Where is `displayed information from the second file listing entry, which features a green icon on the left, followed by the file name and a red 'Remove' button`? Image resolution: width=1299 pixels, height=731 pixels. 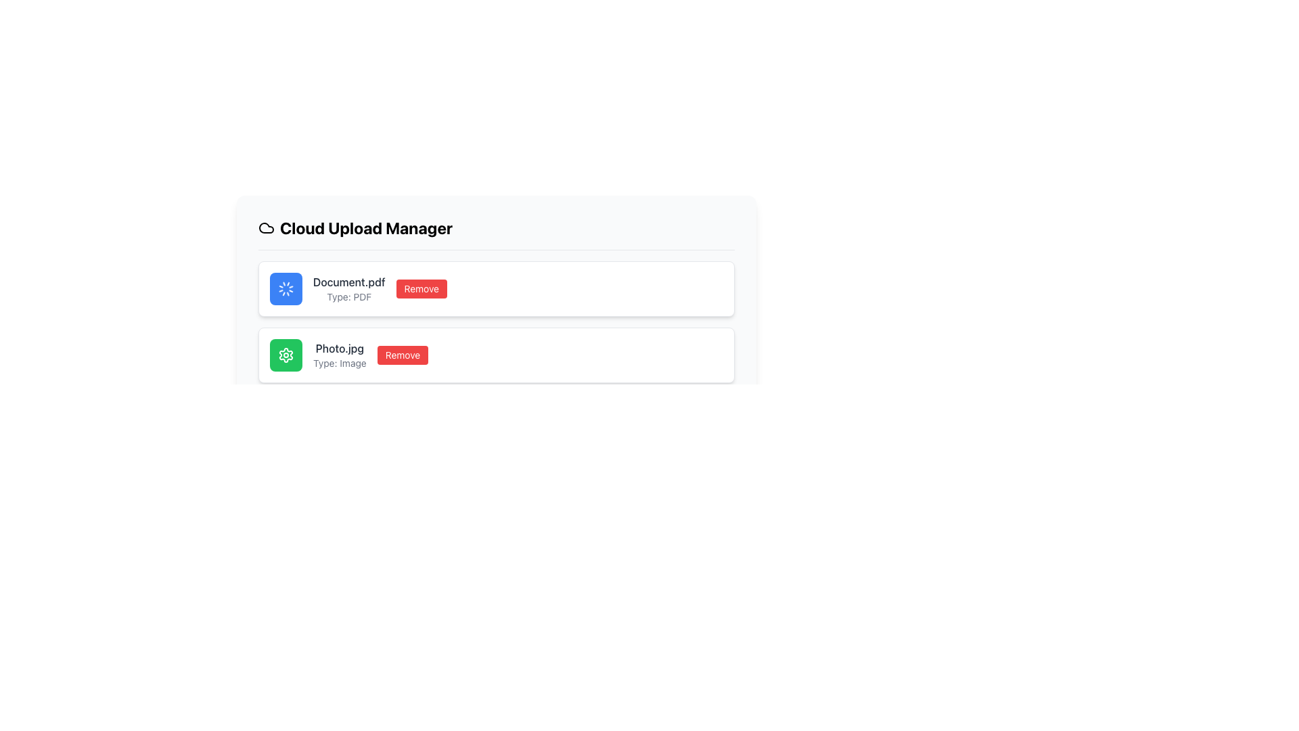
displayed information from the second file listing entry, which features a green icon on the left, followed by the file name and a red 'Remove' button is located at coordinates (496, 354).